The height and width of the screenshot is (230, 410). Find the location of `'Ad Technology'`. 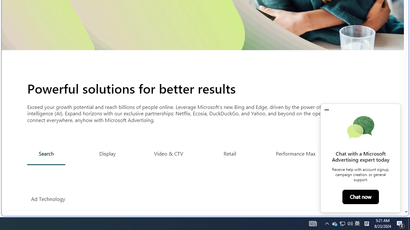

'Ad Technology' is located at coordinates (48, 199).